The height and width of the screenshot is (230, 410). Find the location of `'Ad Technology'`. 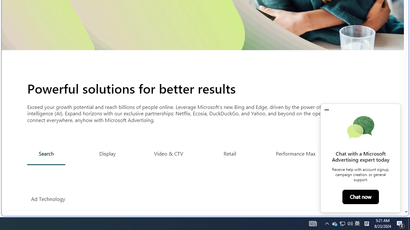

'Ad Technology' is located at coordinates (48, 199).